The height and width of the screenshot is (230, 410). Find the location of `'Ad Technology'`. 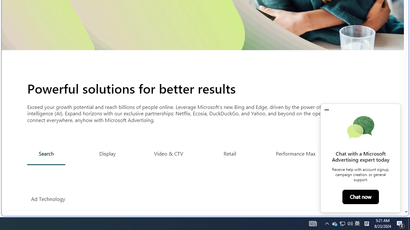

'Ad Technology' is located at coordinates (48, 199).